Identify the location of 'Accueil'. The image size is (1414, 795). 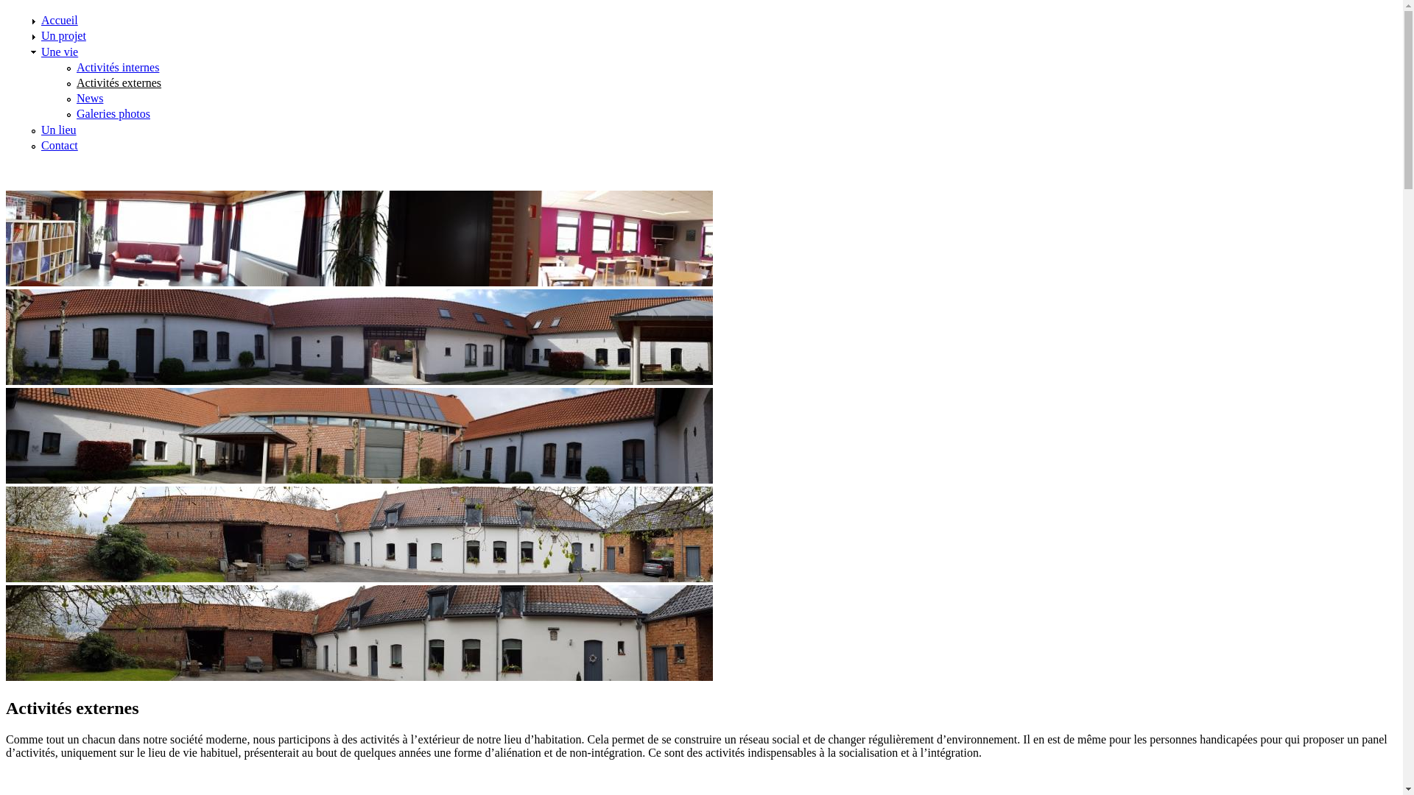
(59, 20).